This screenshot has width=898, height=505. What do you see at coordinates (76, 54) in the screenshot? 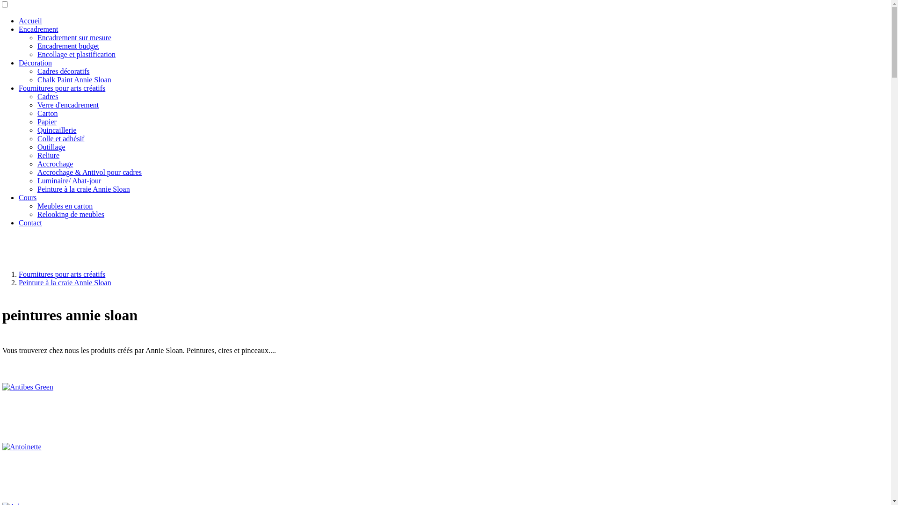
I see `'Encollage et plastification'` at bounding box center [76, 54].